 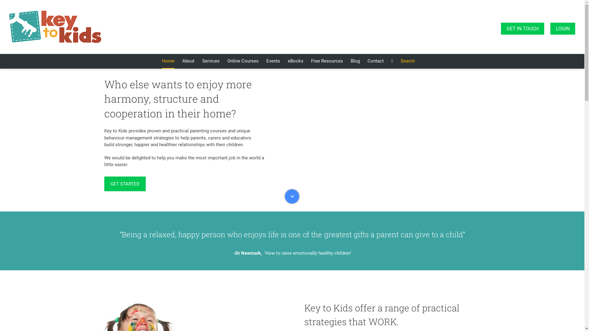 I want to click on 'Contact', so click(x=375, y=61).